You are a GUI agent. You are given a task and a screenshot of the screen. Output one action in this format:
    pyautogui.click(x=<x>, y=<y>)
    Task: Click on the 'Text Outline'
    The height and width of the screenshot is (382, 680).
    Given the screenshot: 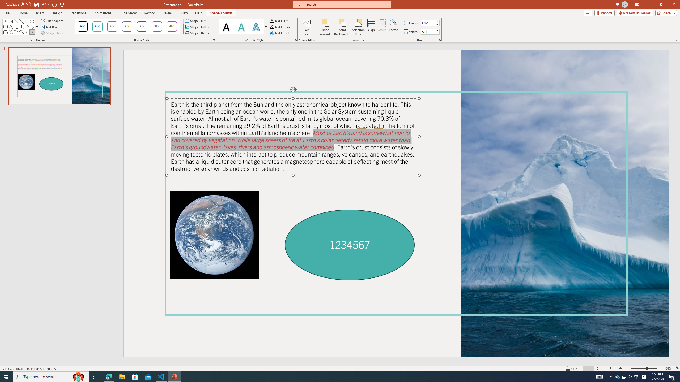 What is the action you would take?
    pyautogui.click(x=282, y=26)
    